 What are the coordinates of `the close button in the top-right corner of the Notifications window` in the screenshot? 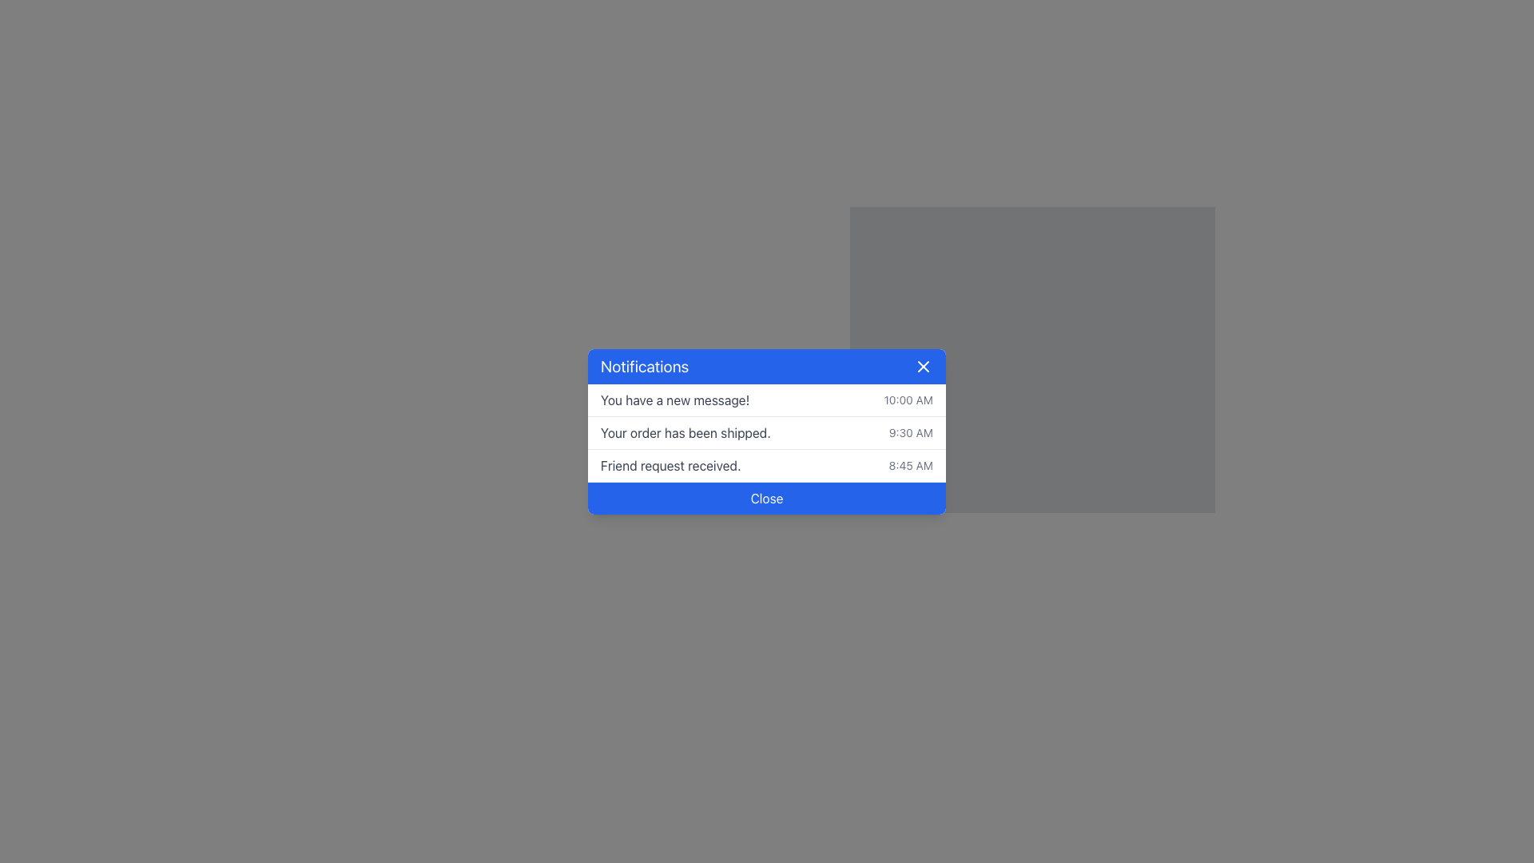 It's located at (924, 366).